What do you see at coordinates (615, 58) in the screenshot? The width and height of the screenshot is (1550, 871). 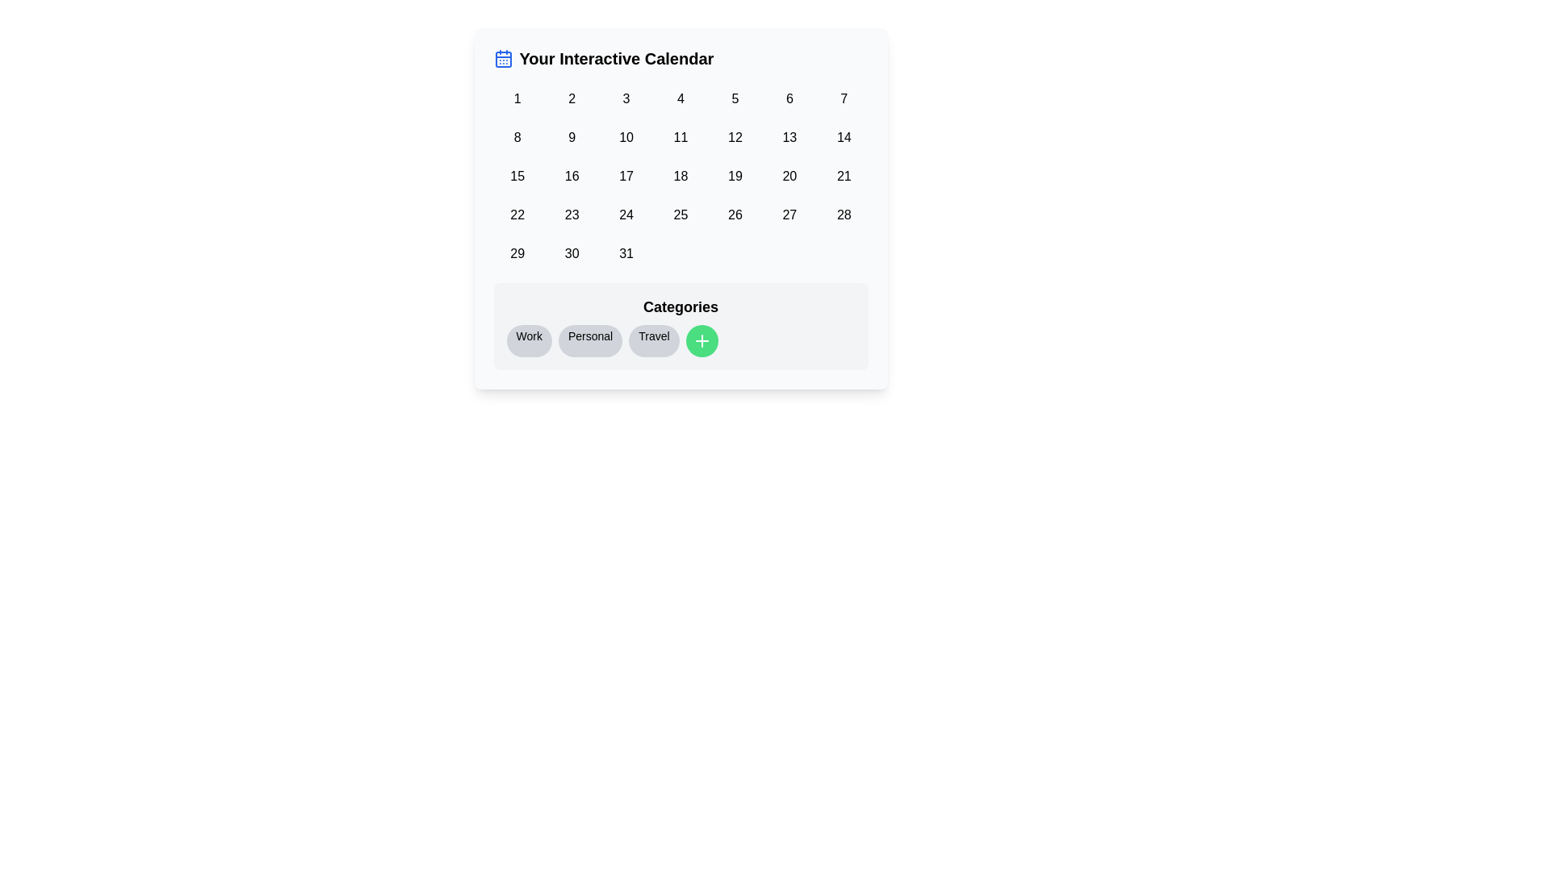 I see `the text label that serves as a title or header for the calendar interface, located to the right of the calendar icon` at bounding box center [615, 58].